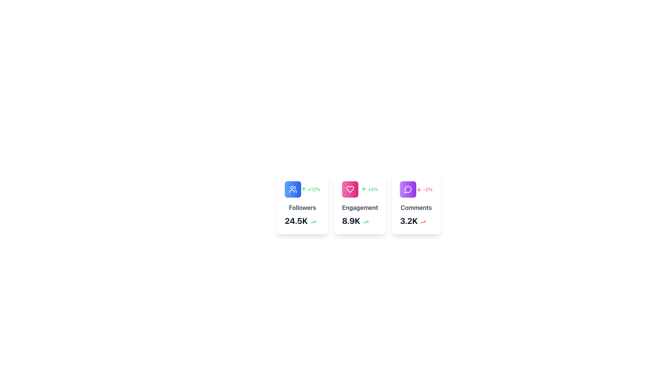  I want to click on and interpret the percentage value displayed in the 'Followers' card, which indicates a positive growth of 12%, so click(310, 189).